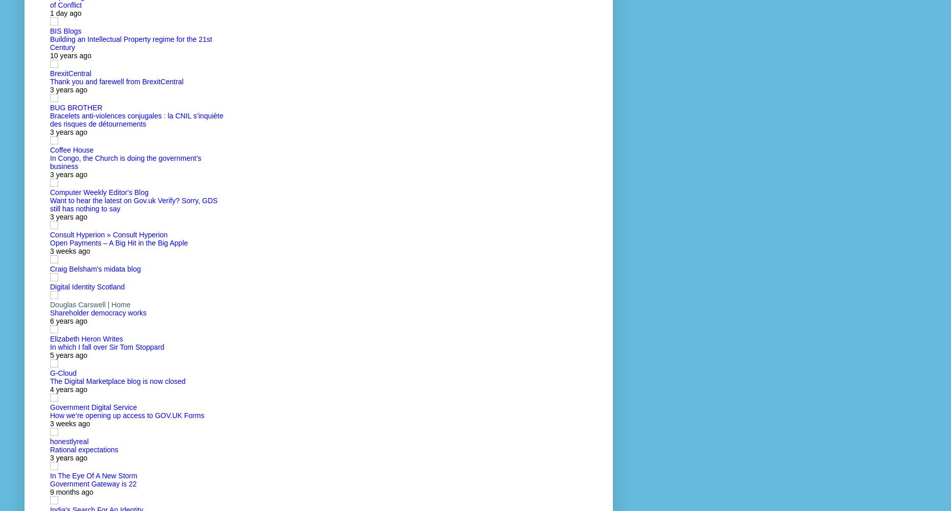  Describe the element at coordinates (50, 31) in the screenshot. I see `'BIS Blogs'` at that location.